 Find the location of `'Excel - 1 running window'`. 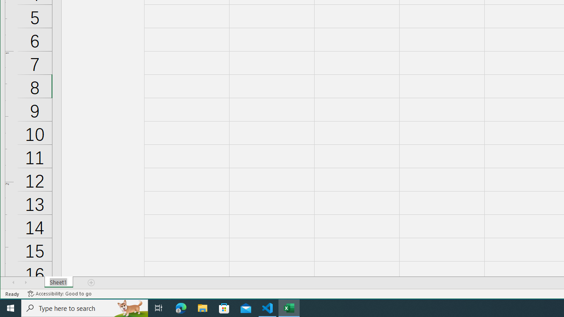

'Excel - 1 running window' is located at coordinates (289, 307).